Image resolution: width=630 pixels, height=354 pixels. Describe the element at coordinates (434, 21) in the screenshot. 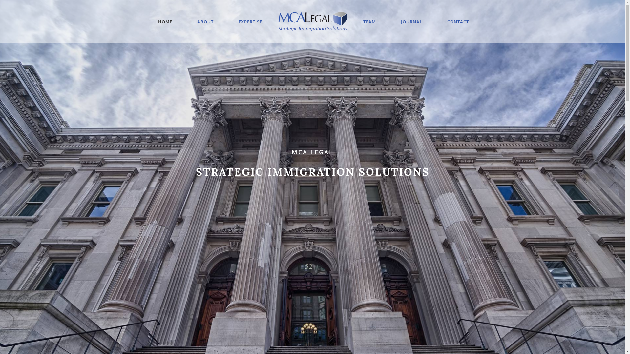

I see `'CONTACT'` at that location.